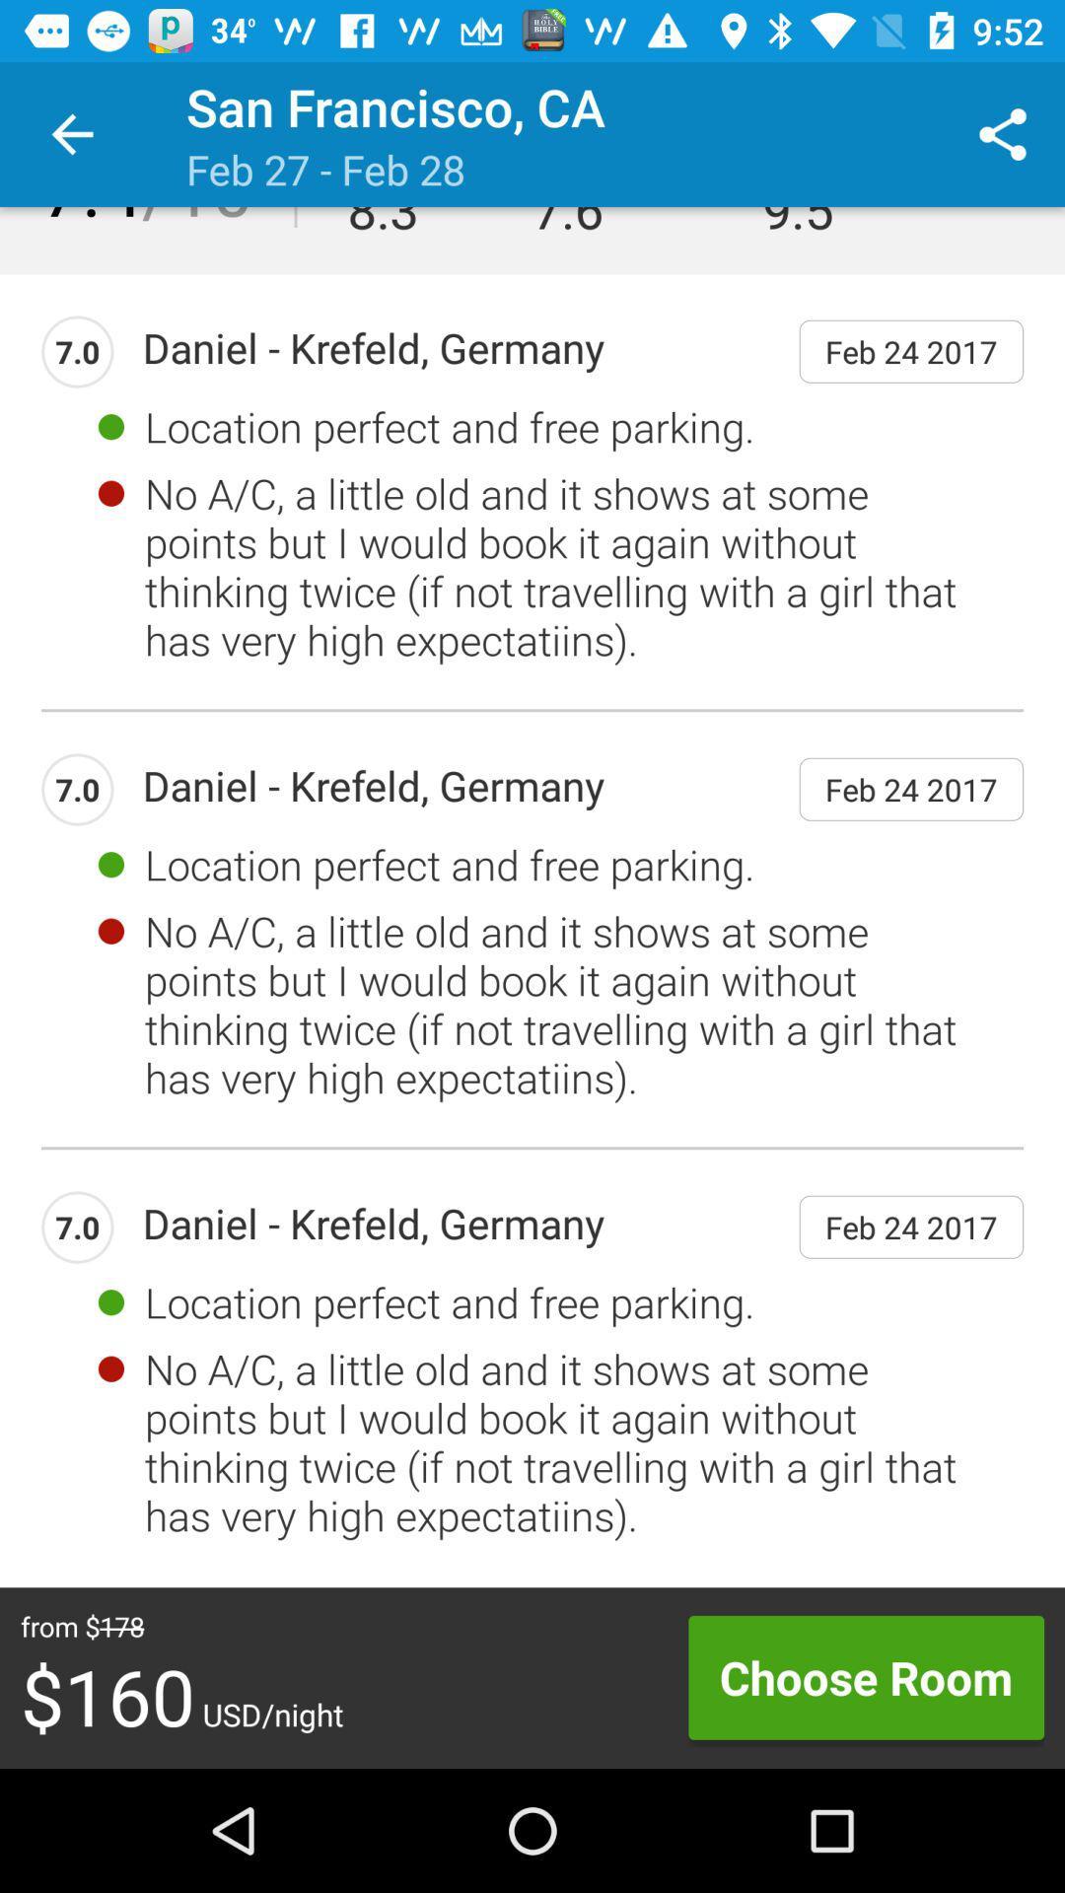  I want to click on icon next to the $160 usd/night, so click(865, 1676).